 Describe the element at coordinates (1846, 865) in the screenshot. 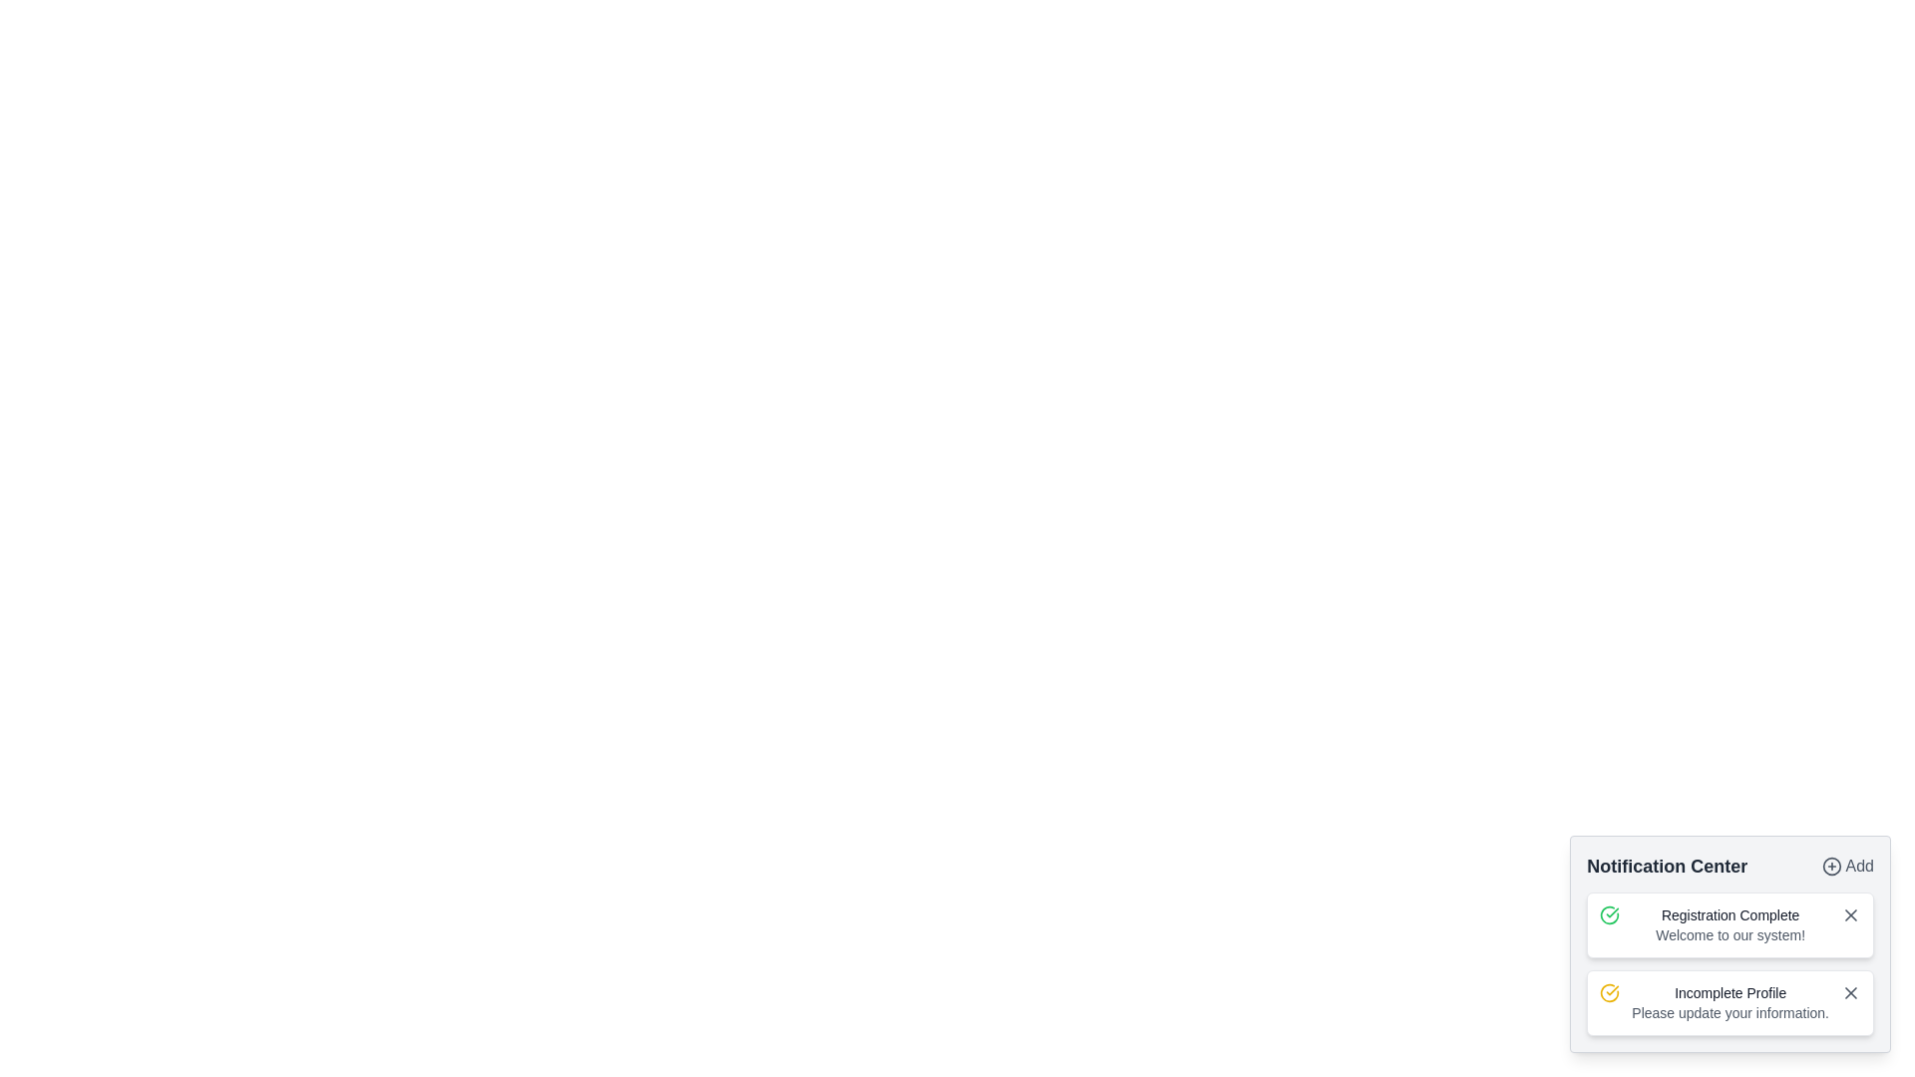

I see `the 'Add' button located in the top-right corner of the 'Notification Center' panel` at that location.